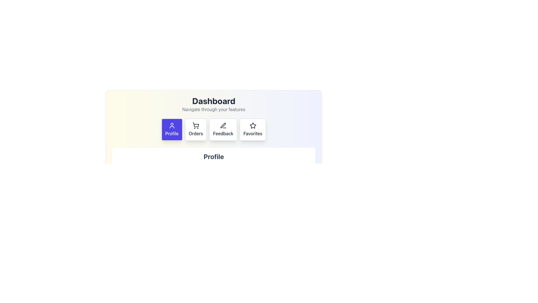  I want to click on the text label displaying 'Orders' that is located in the second box from the left below the 'Dashboard' header, so click(196, 133).